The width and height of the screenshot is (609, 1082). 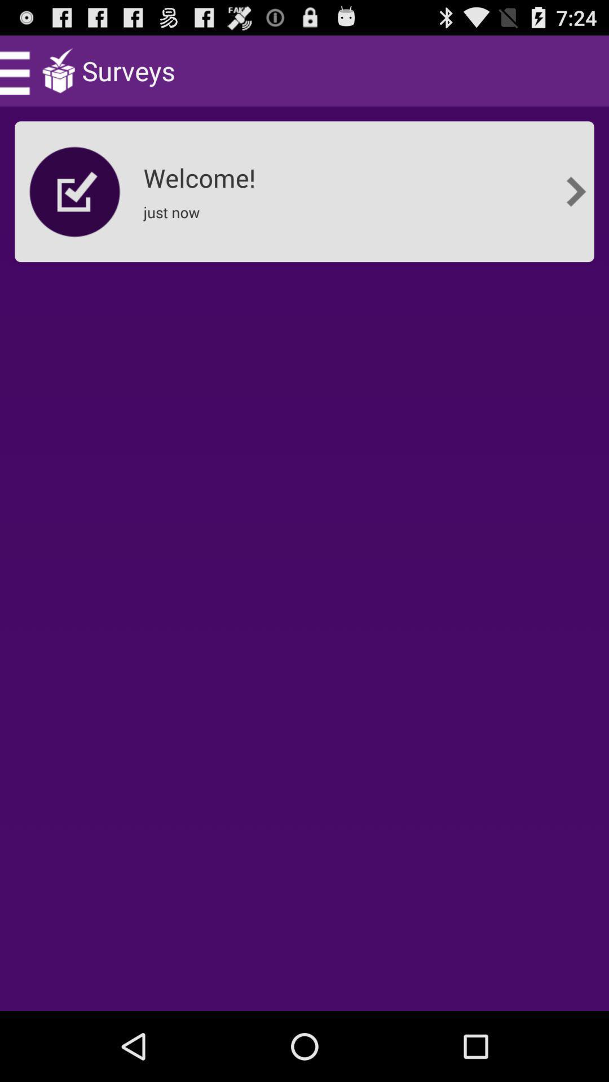 What do you see at coordinates (576, 192) in the screenshot?
I see `the icon to the right of the welcome!` at bounding box center [576, 192].